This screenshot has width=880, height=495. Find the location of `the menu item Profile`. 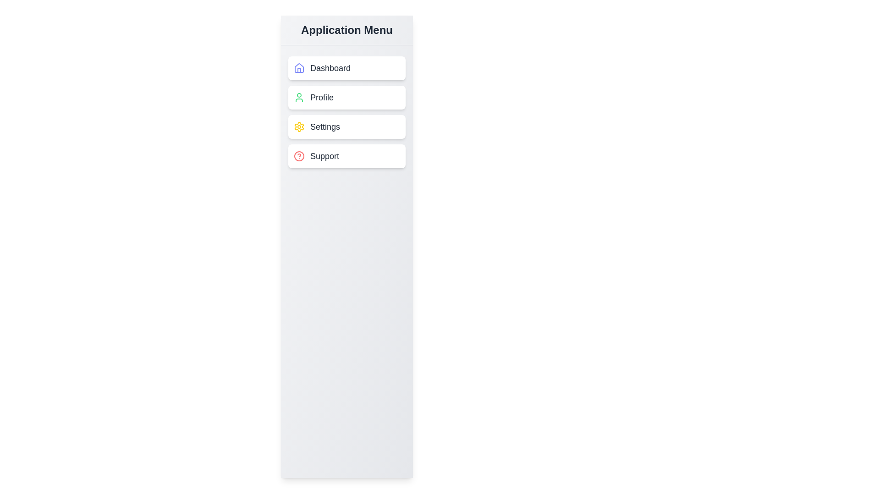

the menu item Profile is located at coordinates (346, 97).